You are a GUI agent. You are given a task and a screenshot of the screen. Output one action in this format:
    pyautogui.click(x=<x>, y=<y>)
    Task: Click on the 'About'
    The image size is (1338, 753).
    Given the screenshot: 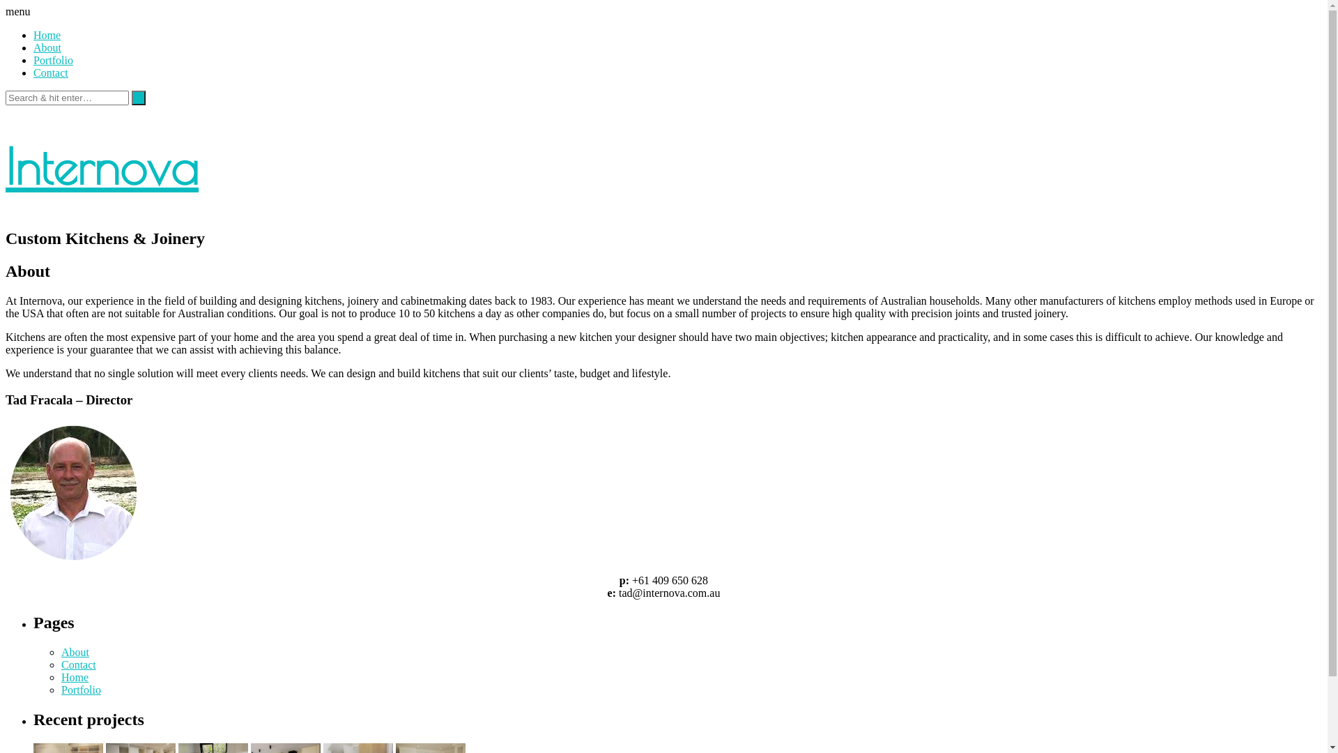 What is the action you would take?
    pyautogui.click(x=47, y=47)
    